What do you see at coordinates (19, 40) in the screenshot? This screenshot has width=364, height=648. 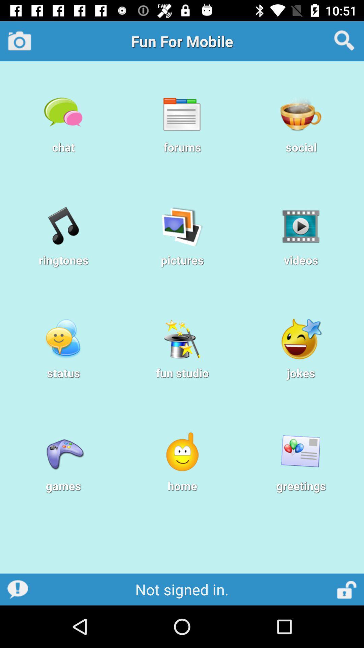 I see `camera` at bounding box center [19, 40].